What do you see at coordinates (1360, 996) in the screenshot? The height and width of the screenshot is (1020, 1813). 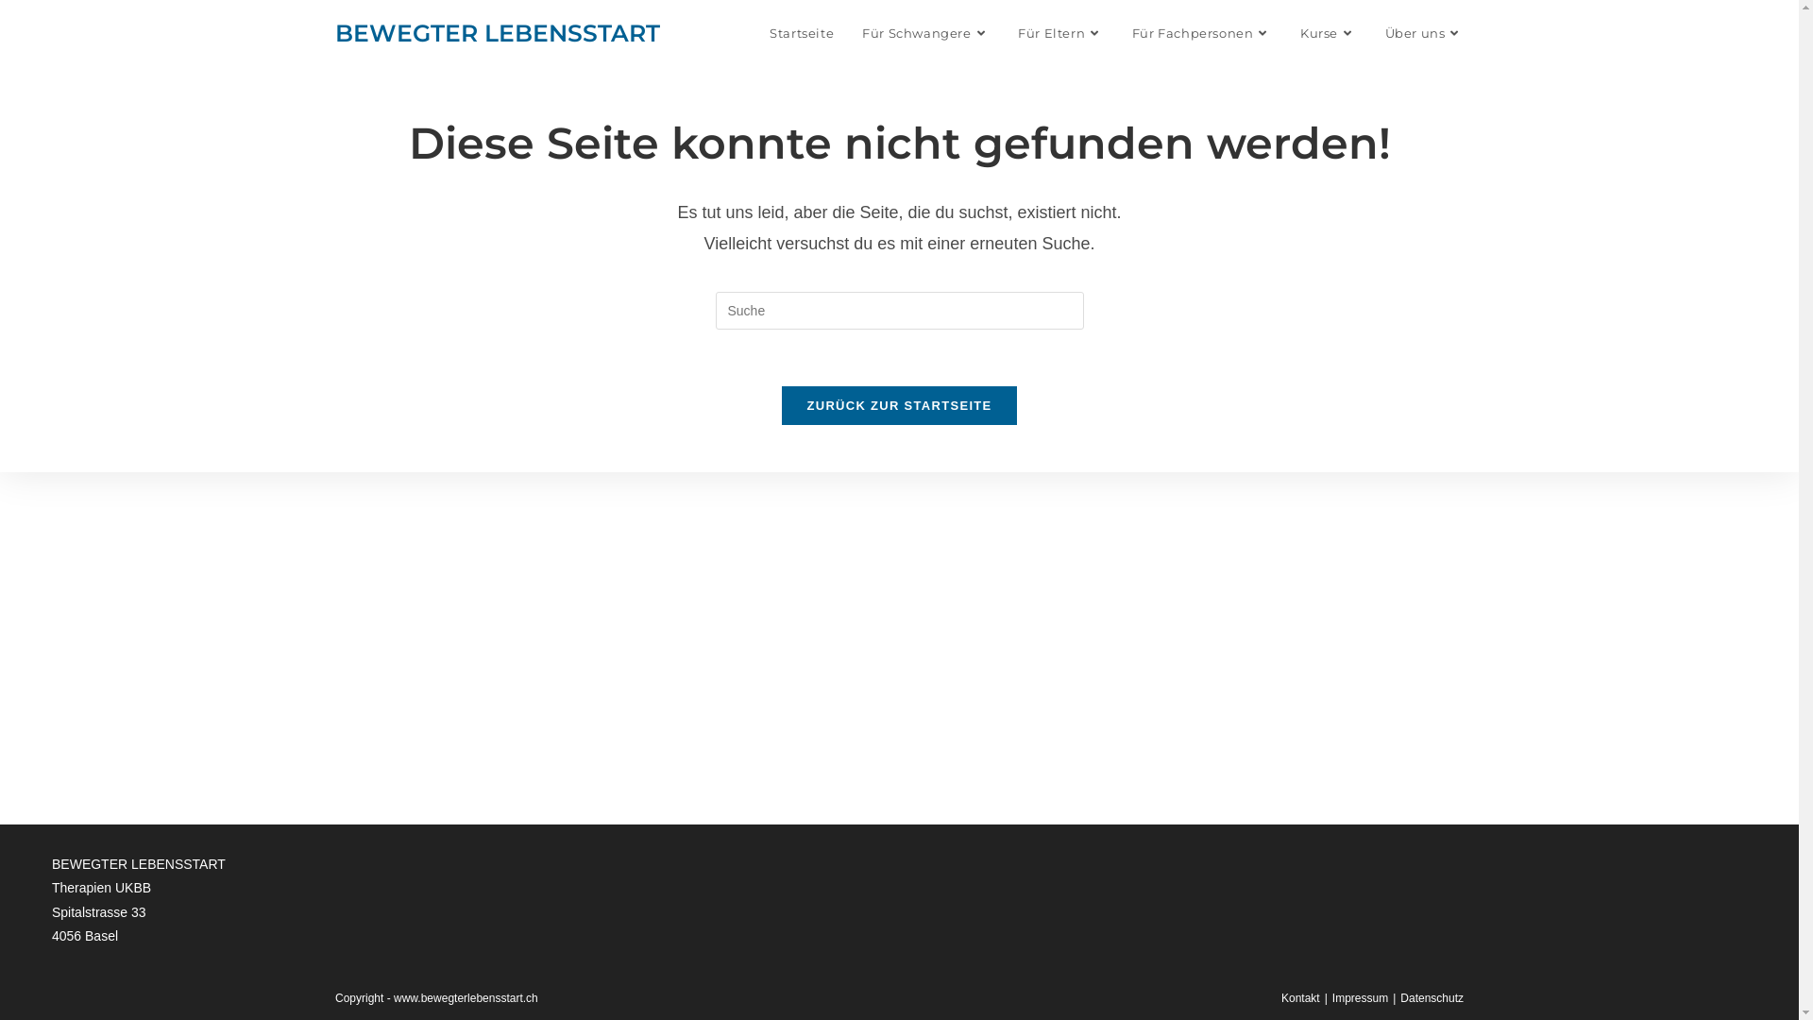 I see `'Impressum'` at bounding box center [1360, 996].